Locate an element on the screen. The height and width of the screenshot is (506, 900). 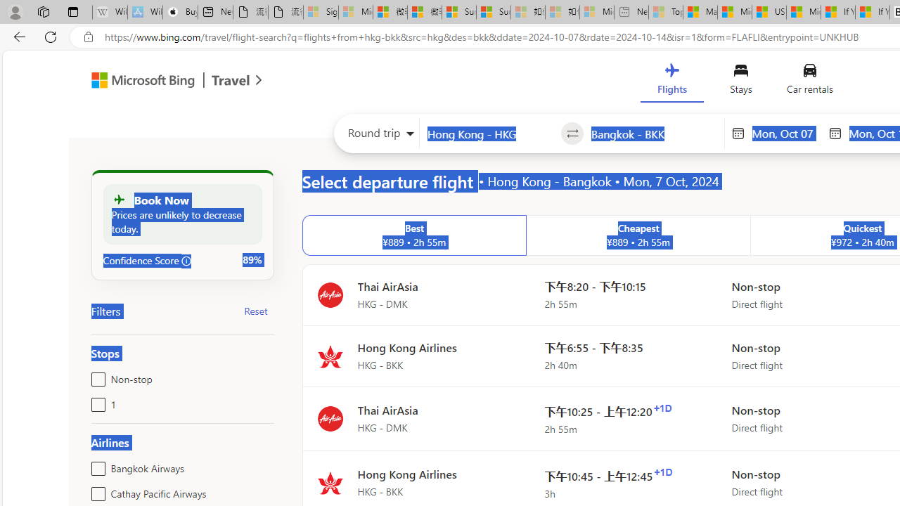
'Start Date' is located at coordinates (785, 133).